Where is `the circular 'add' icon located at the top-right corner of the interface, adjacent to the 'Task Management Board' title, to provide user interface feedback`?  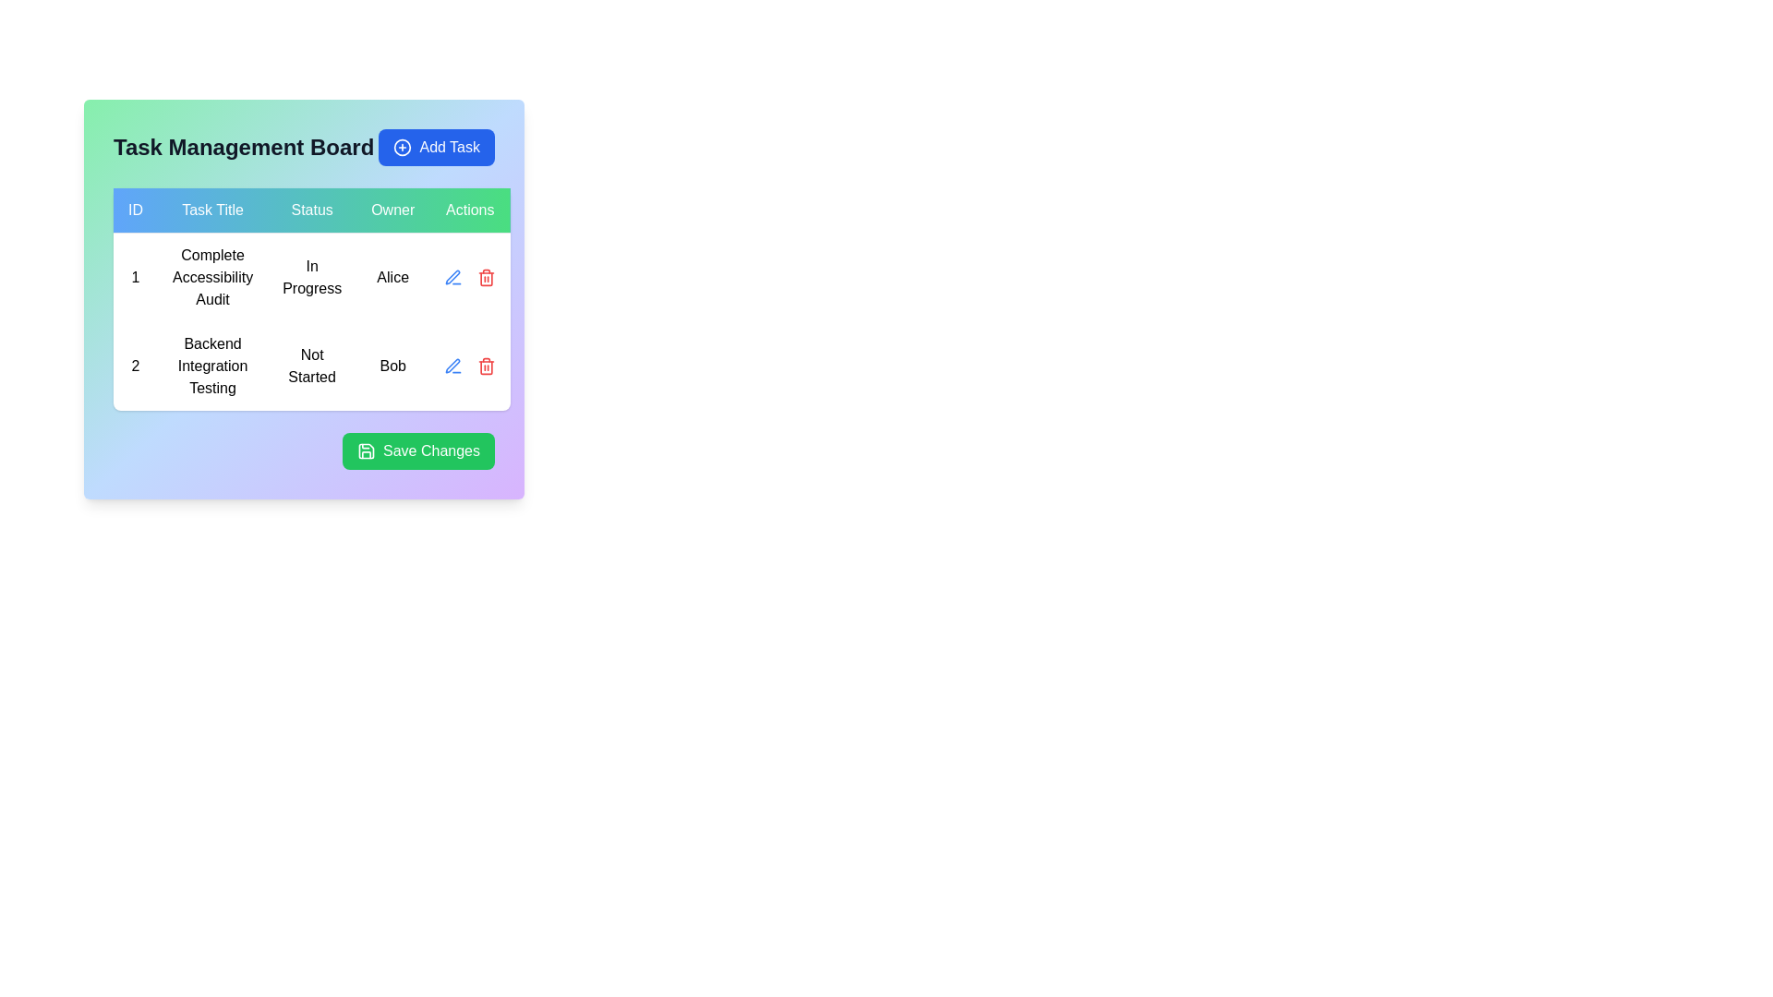
the circular 'add' icon located at the top-right corner of the interface, adjacent to the 'Task Management Board' title, to provide user interface feedback is located at coordinates (402, 146).